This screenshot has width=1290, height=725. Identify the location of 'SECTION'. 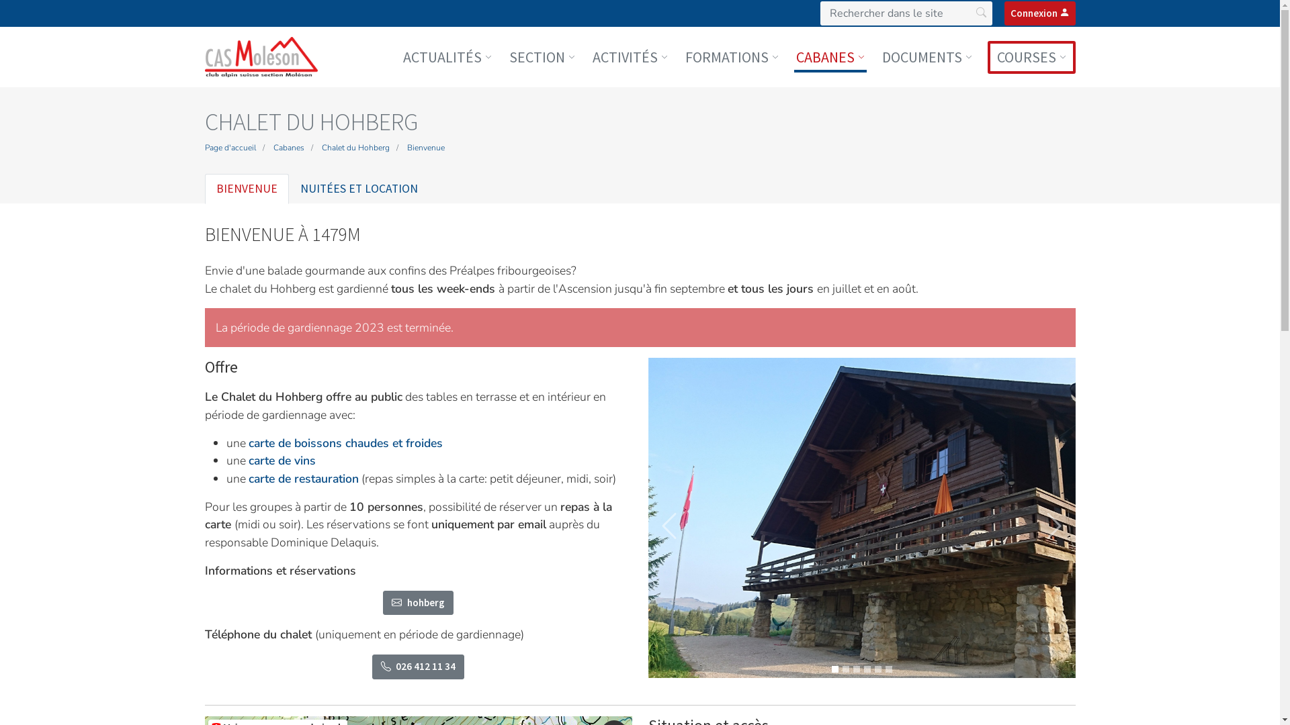
(505, 56).